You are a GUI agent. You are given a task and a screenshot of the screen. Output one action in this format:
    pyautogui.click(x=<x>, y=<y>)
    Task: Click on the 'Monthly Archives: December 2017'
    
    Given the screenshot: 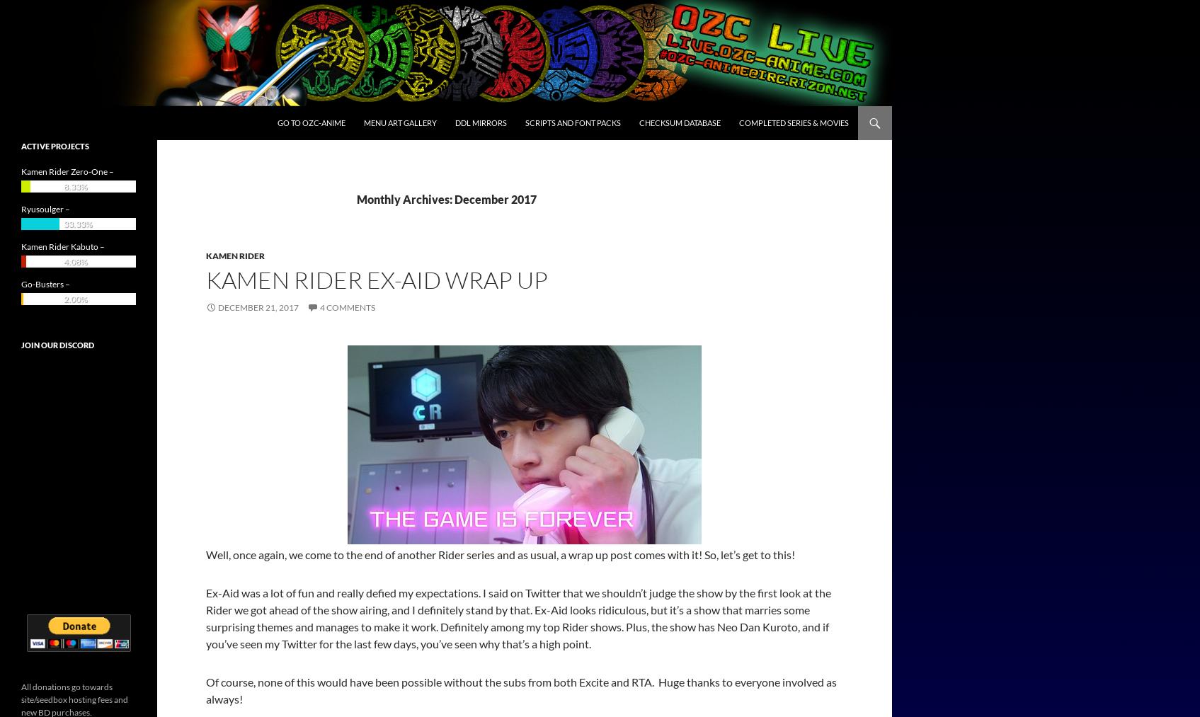 What is the action you would take?
    pyautogui.click(x=446, y=198)
    